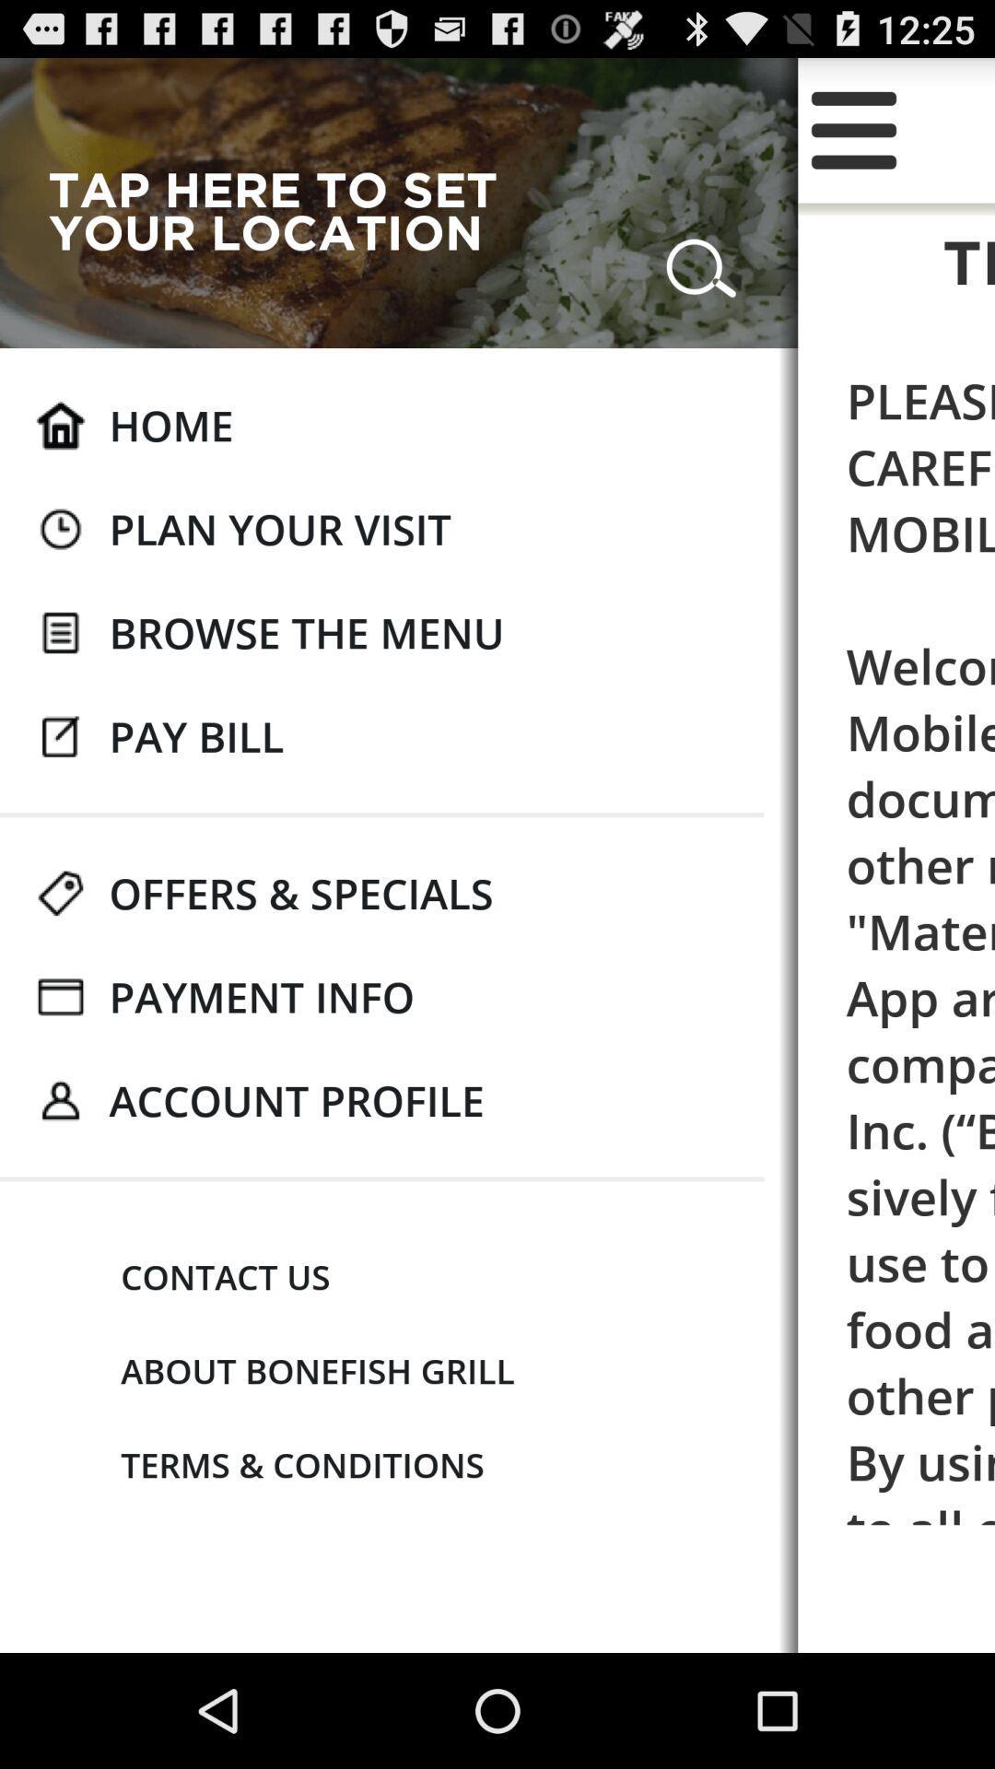 The image size is (995, 1769). I want to click on icon next to please read these app, so click(224, 1276).